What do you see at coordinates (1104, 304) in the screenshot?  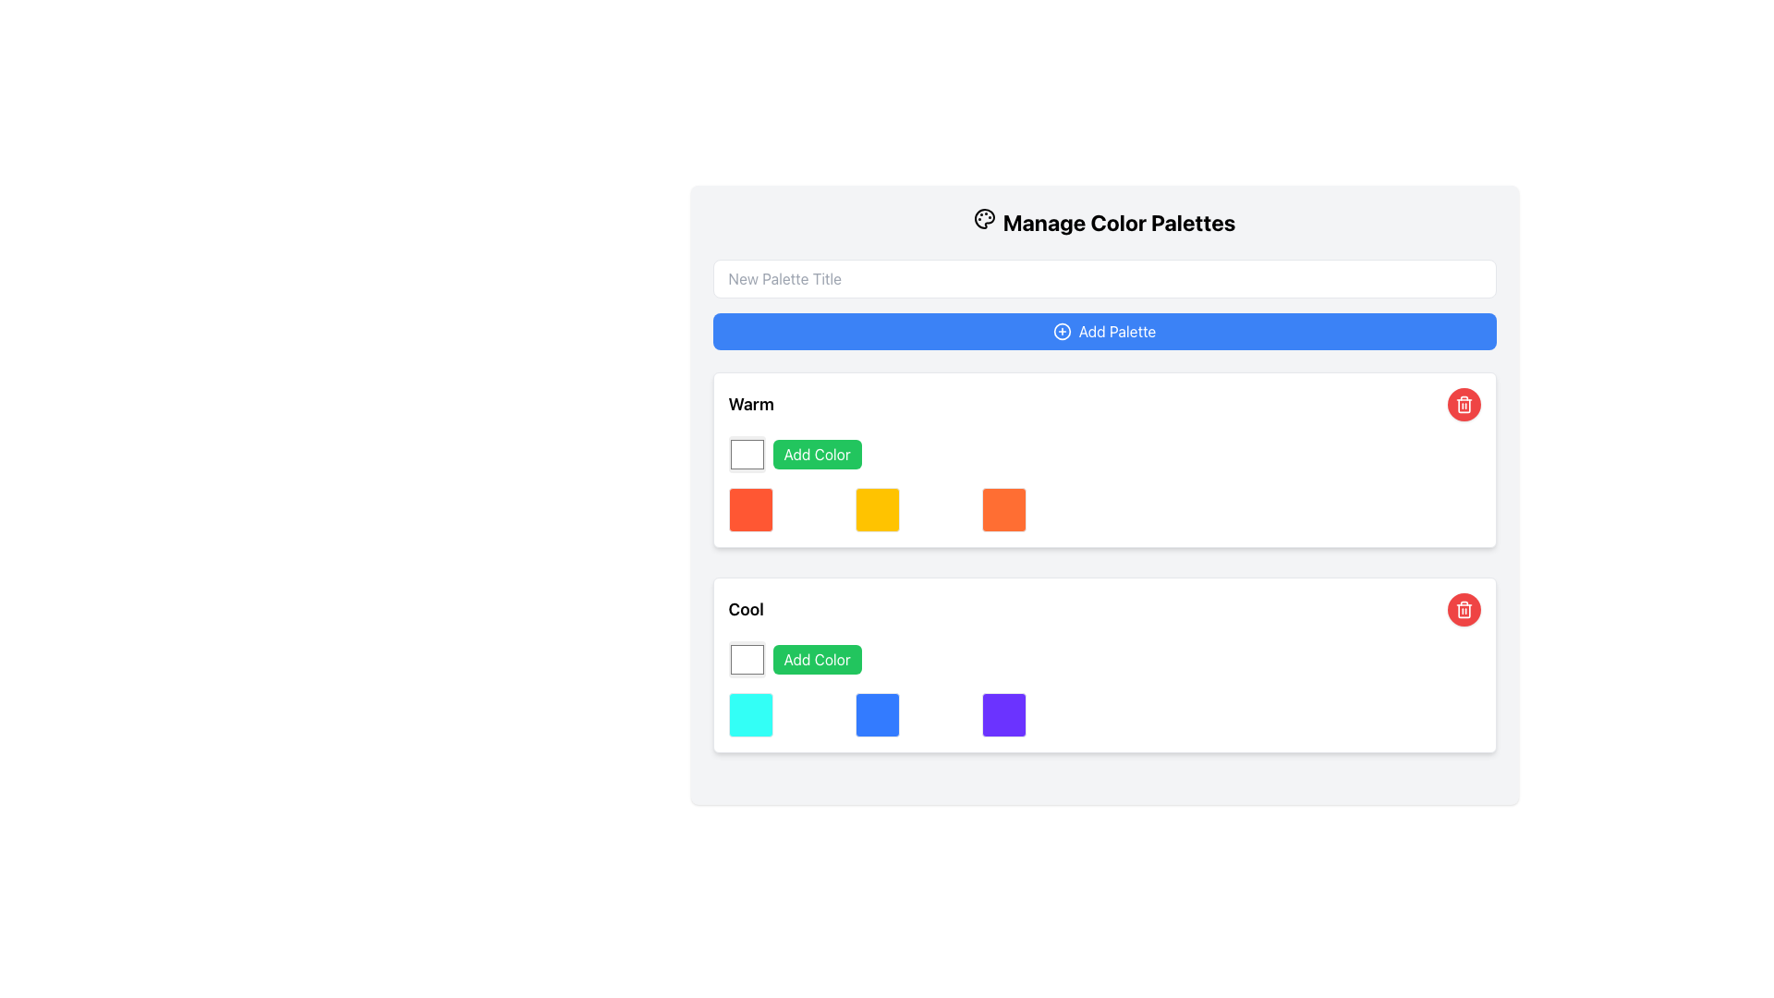 I see `the 'Add Palette' button with a blue background and white text, located in the 'Manage Color Palettes' panel` at bounding box center [1104, 304].